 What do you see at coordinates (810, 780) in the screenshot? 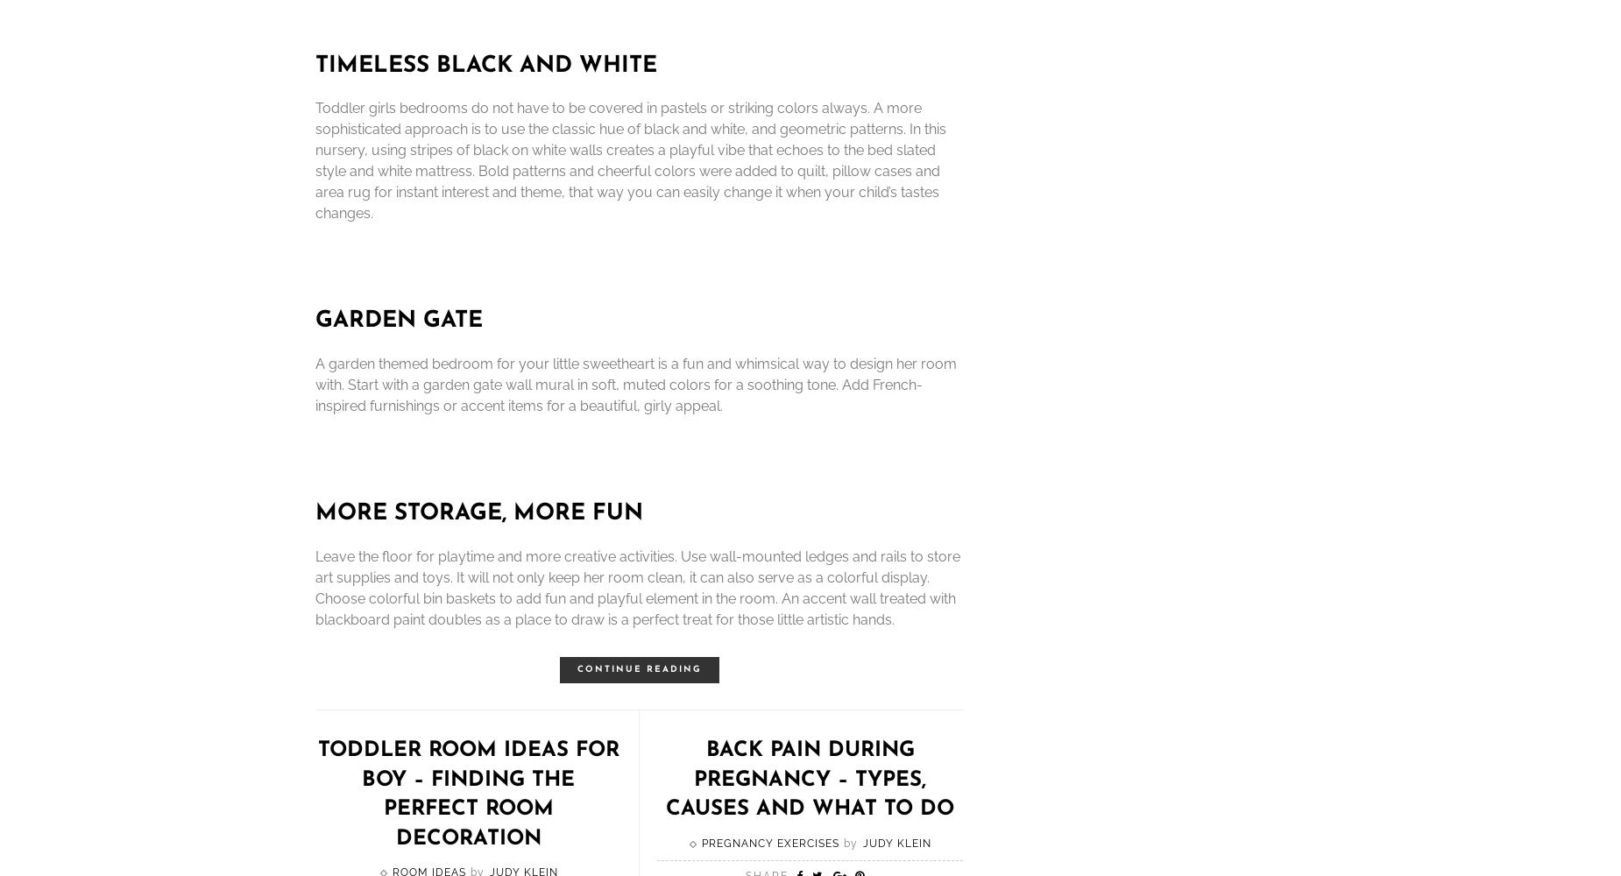
I see `'Back Pain during Pregnancy – Types, Causes and What to Do'` at bounding box center [810, 780].